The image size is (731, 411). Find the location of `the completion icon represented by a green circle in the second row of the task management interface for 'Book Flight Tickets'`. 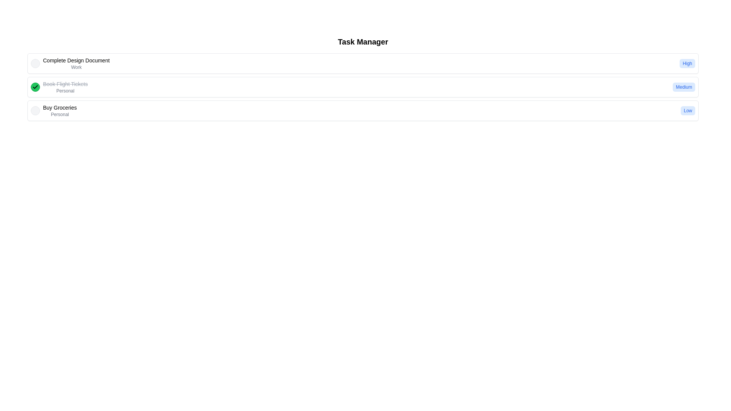

the completion icon represented by a green circle in the second row of the task management interface for 'Book Flight Tickets' is located at coordinates (35, 86).